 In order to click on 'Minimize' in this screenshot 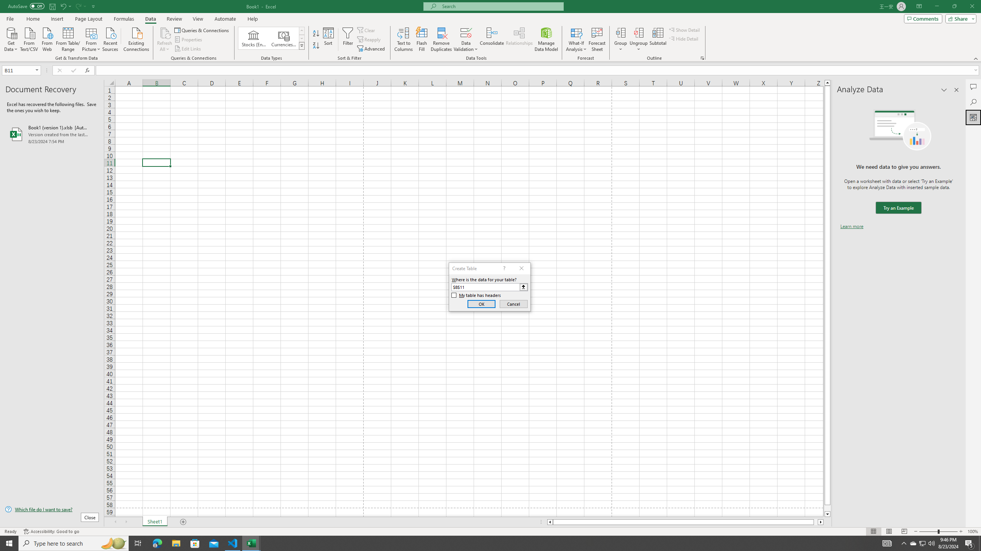, I will do `click(936, 6)`.